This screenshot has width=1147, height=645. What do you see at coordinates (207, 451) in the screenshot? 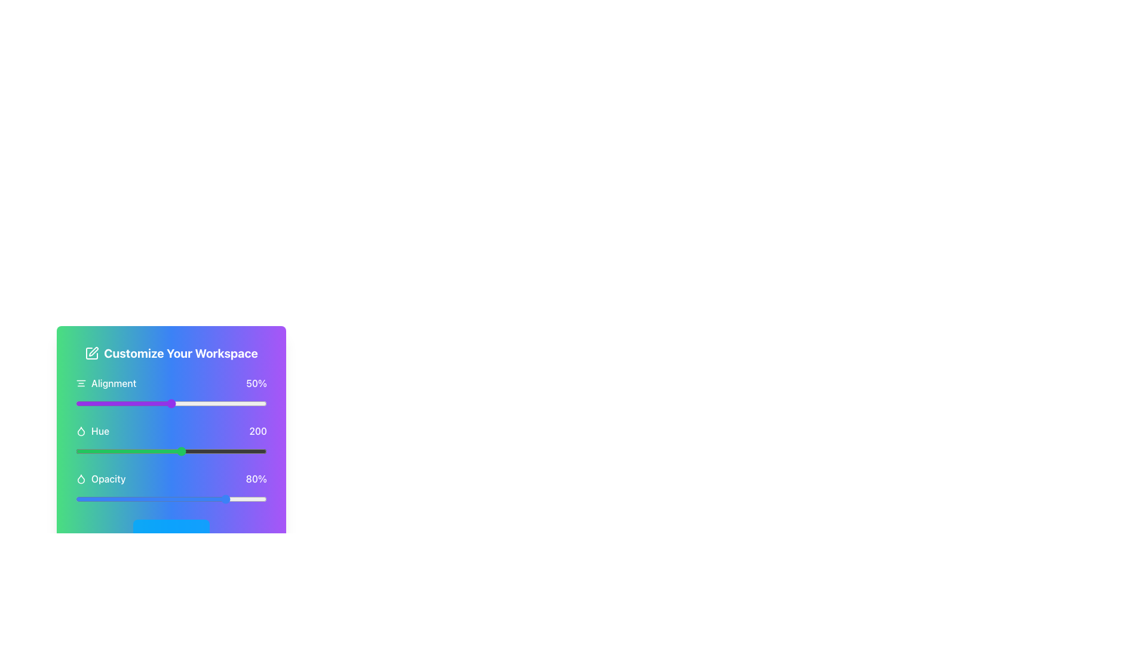
I see `hue` at bounding box center [207, 451].